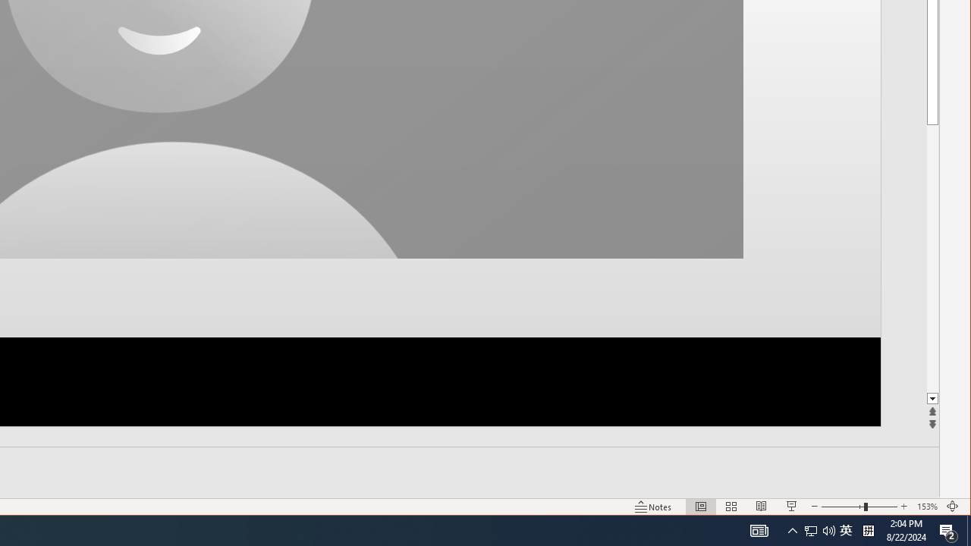  What do you see at coordinates (948, 529) in the screenshot?
I see `'Action Center, 2 new notifications'` at bounding box center [948, 529].